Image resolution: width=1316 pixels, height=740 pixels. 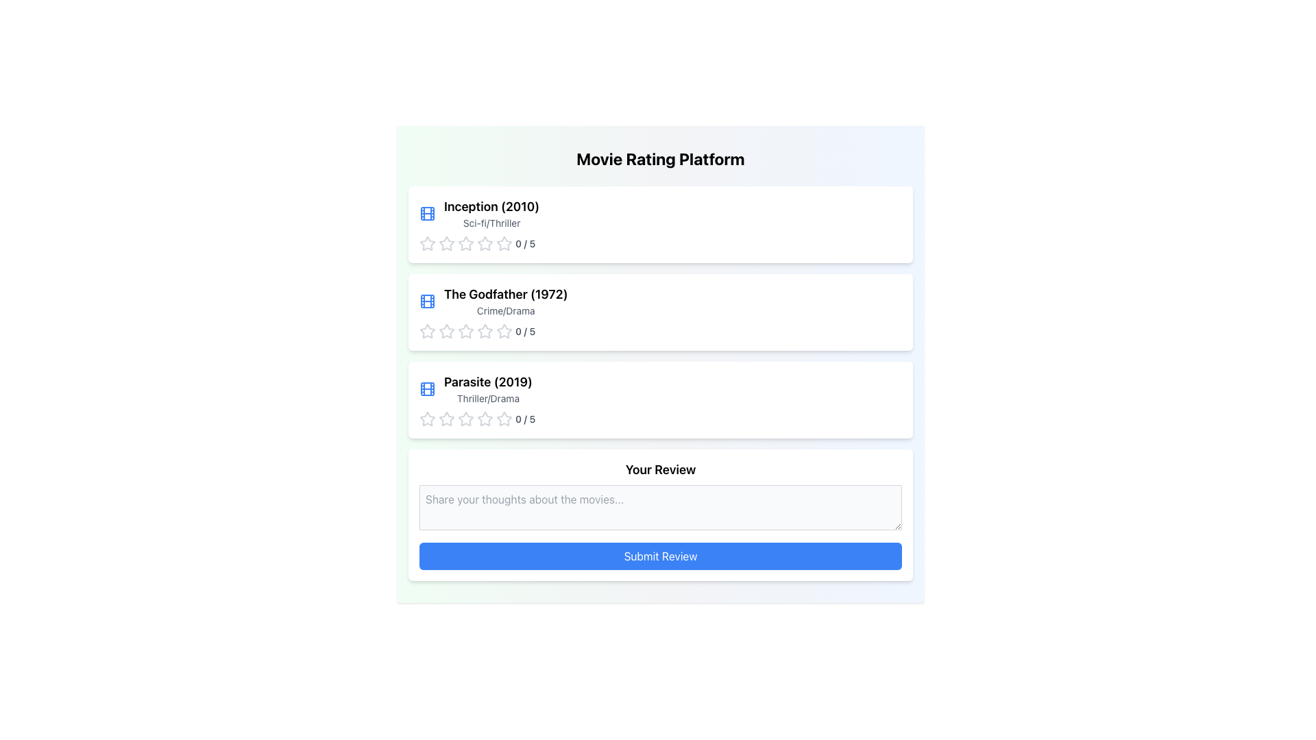 I want to click on the second star icon in the horizontal arrangement of rating icons for the movie 'Parasite (2019)' to rate it, so click(x=447, y=419).